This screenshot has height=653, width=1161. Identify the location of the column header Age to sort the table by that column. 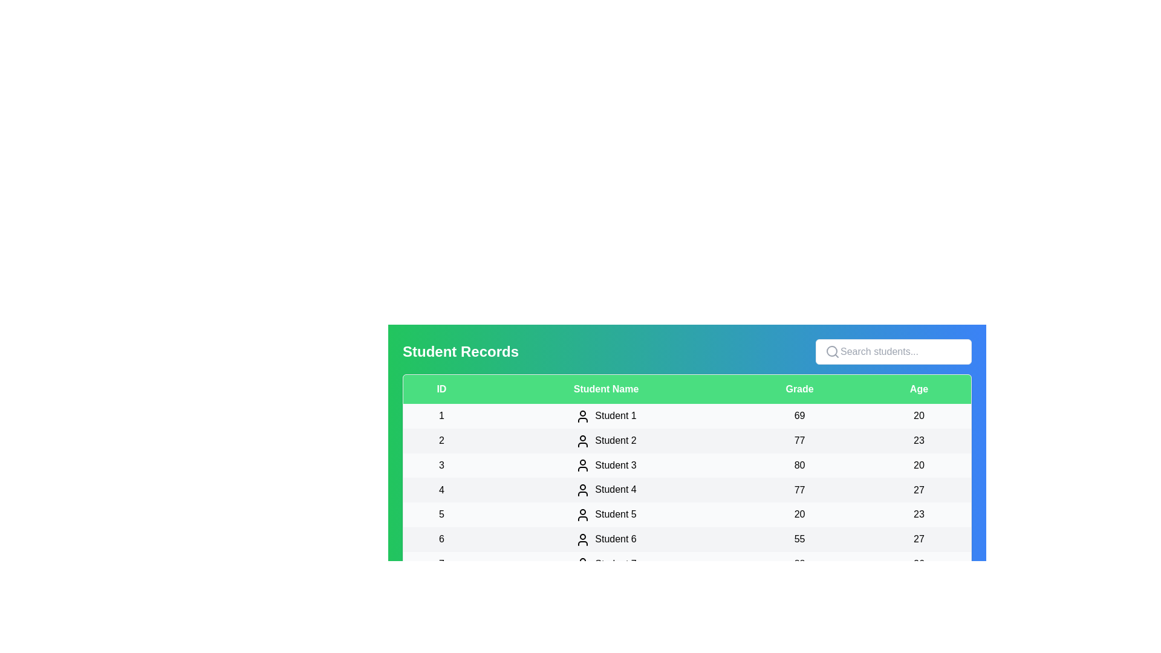
(918, 389).